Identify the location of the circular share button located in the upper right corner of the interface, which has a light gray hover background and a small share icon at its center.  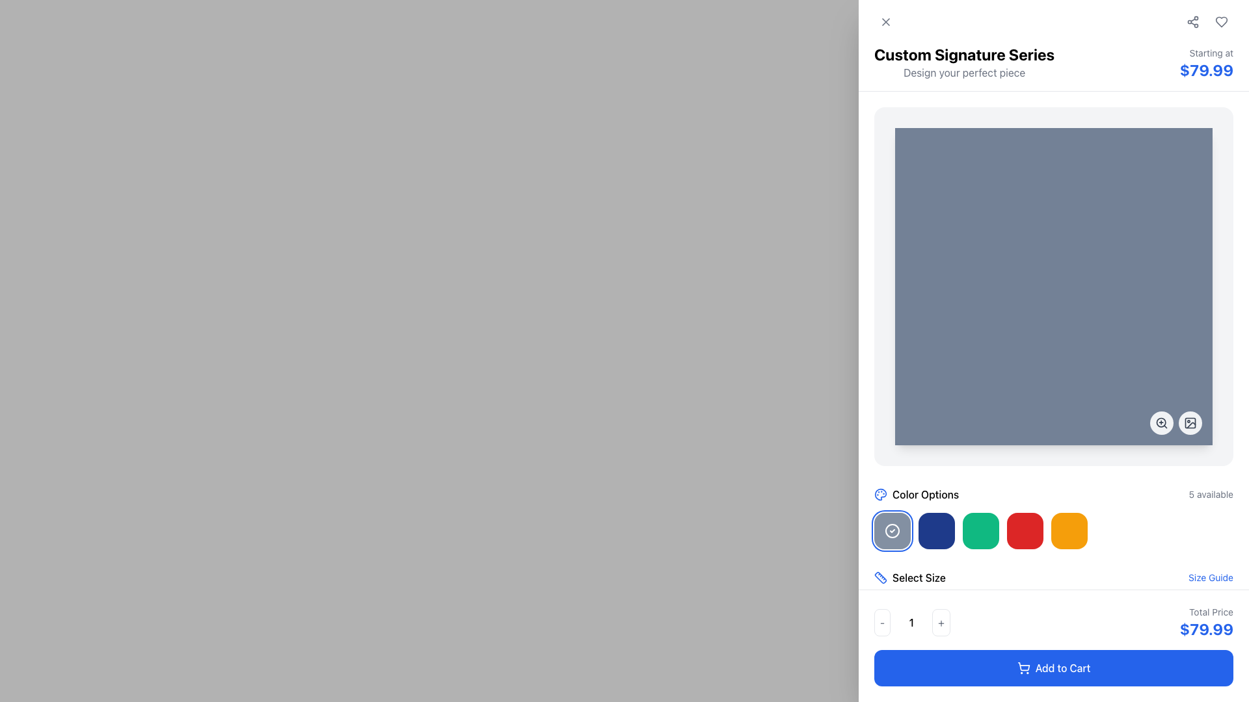
(1192, 22).